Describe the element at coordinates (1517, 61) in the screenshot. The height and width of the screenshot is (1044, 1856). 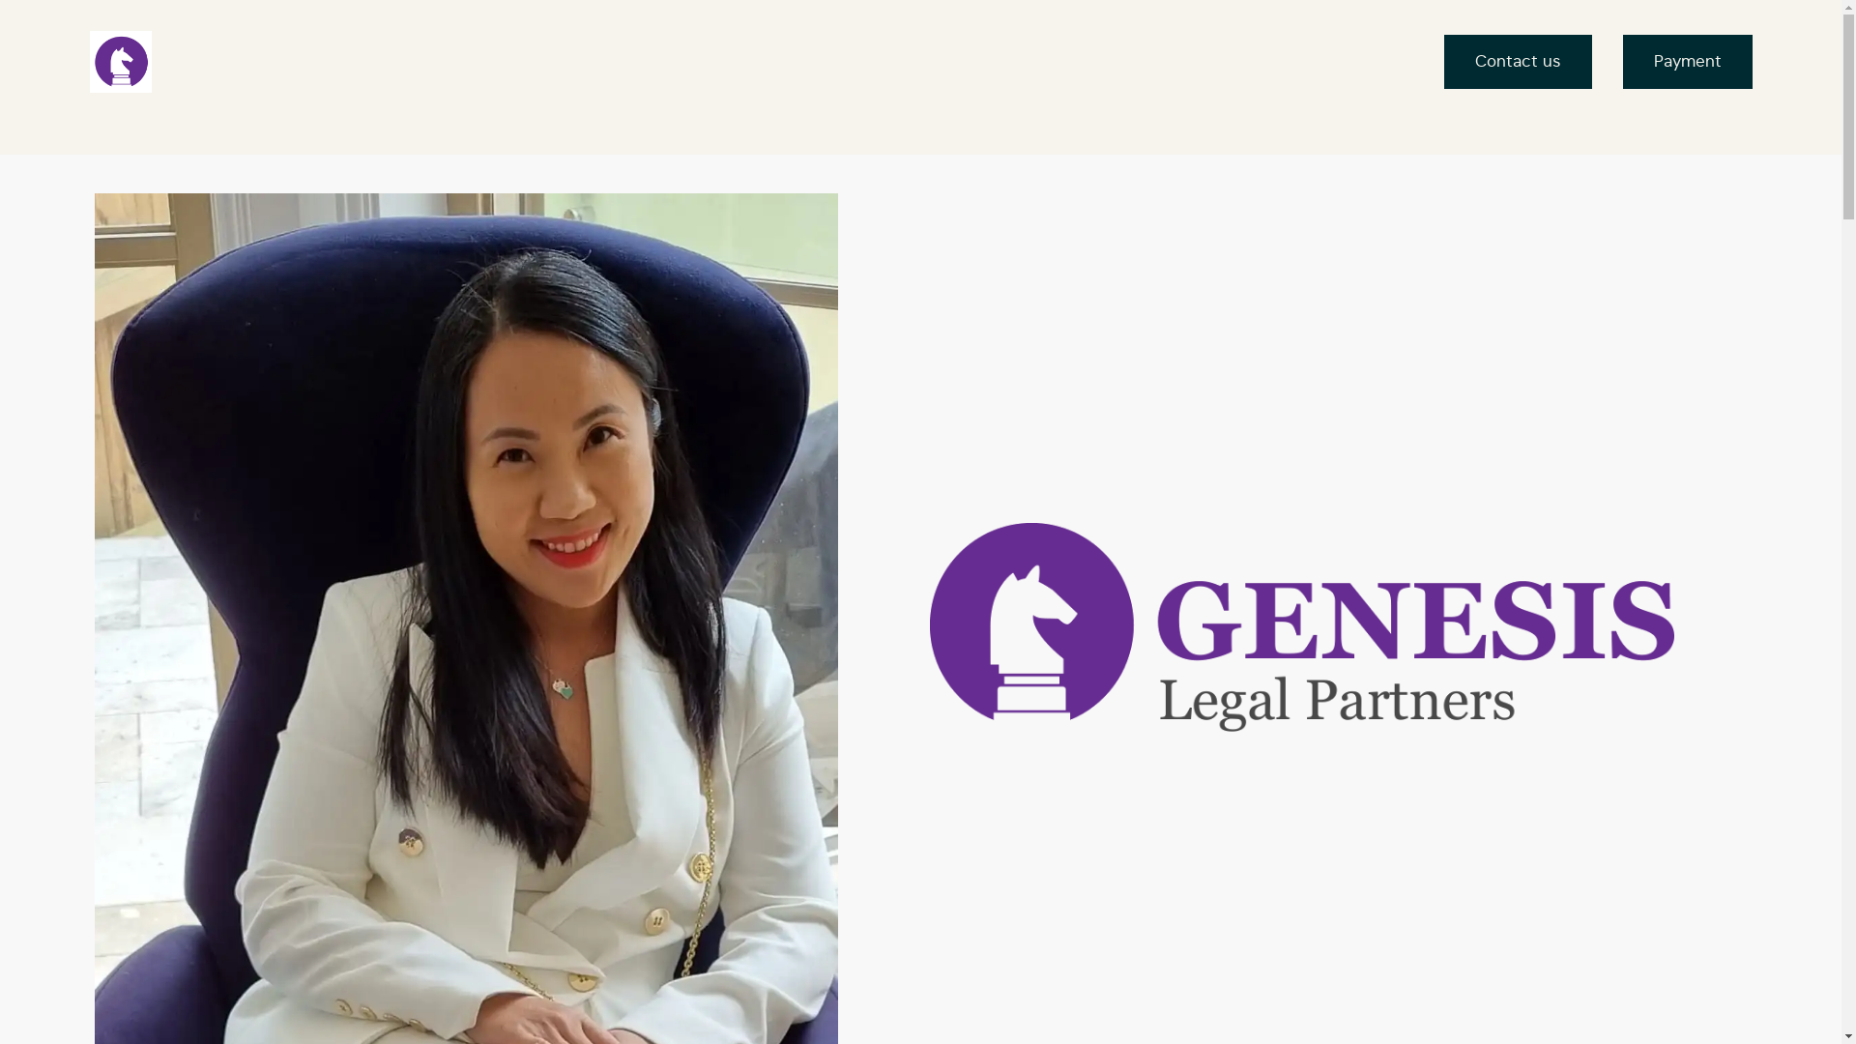
I see `'Contact us'` at that location.